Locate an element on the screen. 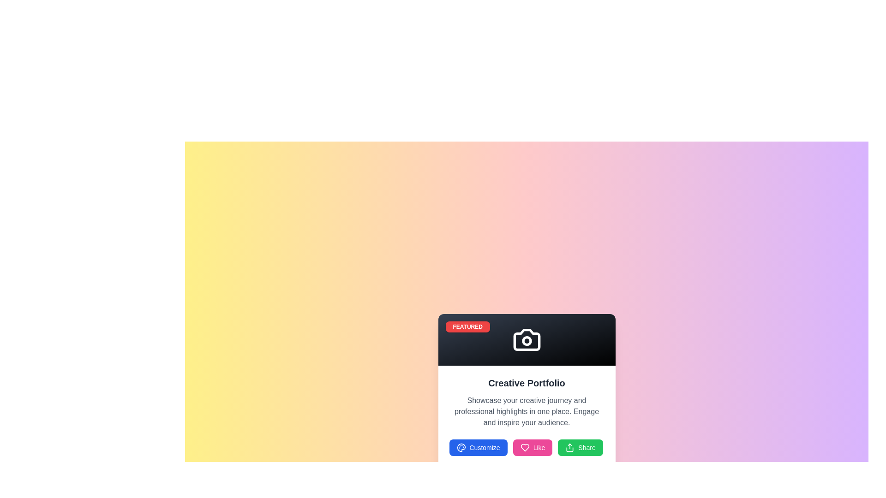  the green 'Share' button with rounded corners located at the bottom of the card UI component to share content is located at coordinates (580, 447).